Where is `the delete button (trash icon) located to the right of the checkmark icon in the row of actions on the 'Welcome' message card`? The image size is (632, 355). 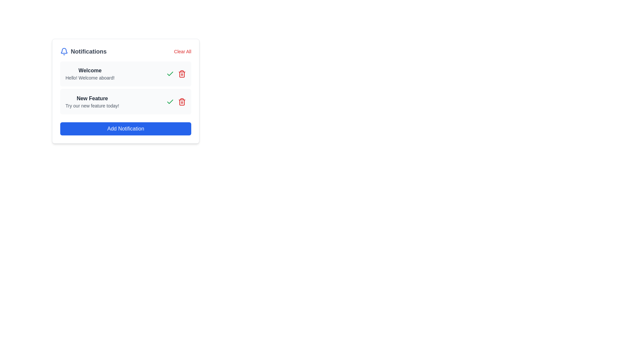 the delete button (trash icon) located to the right of the checkmark icon in the row of actions on the 'Welcome' message card is located at coordinates (182, 74).